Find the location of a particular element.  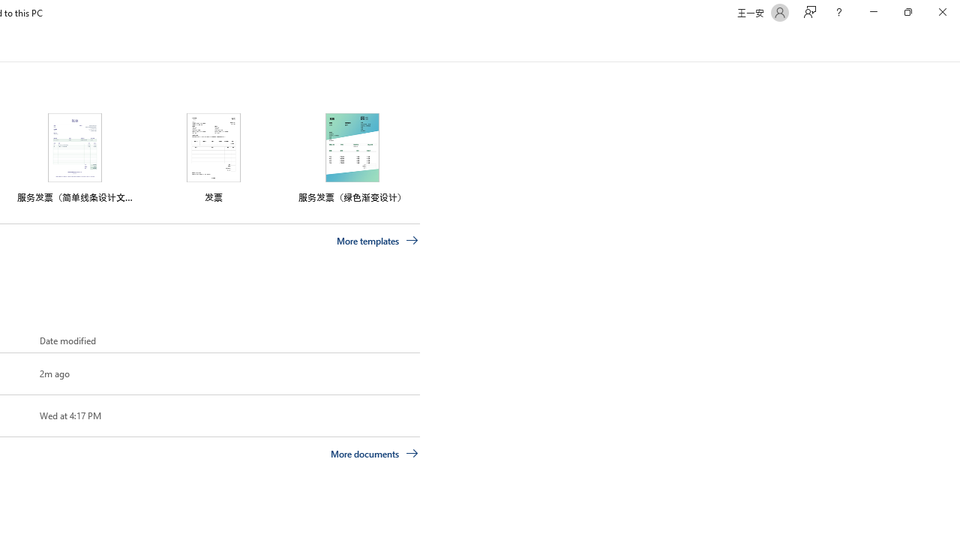

'More documents' is located at coordinates (374, 452).